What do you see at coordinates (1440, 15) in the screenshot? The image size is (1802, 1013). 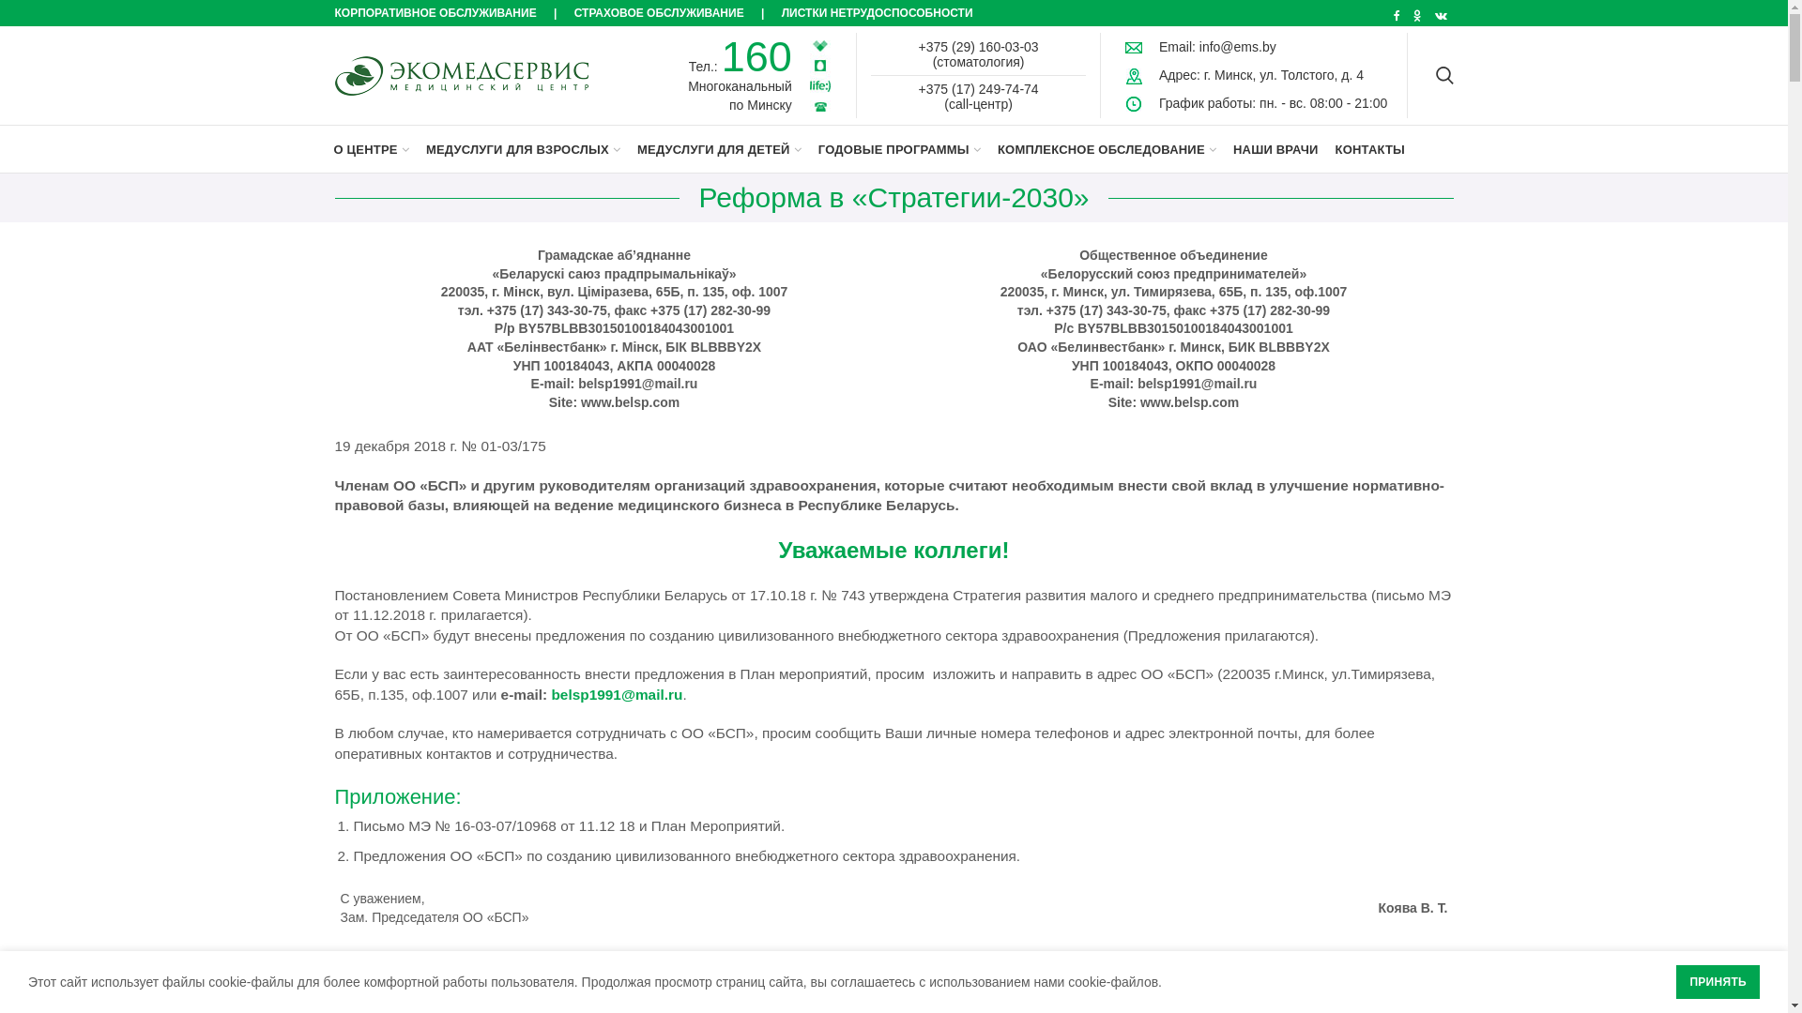 I see `'VK'` at bounding box center [1440, 15].